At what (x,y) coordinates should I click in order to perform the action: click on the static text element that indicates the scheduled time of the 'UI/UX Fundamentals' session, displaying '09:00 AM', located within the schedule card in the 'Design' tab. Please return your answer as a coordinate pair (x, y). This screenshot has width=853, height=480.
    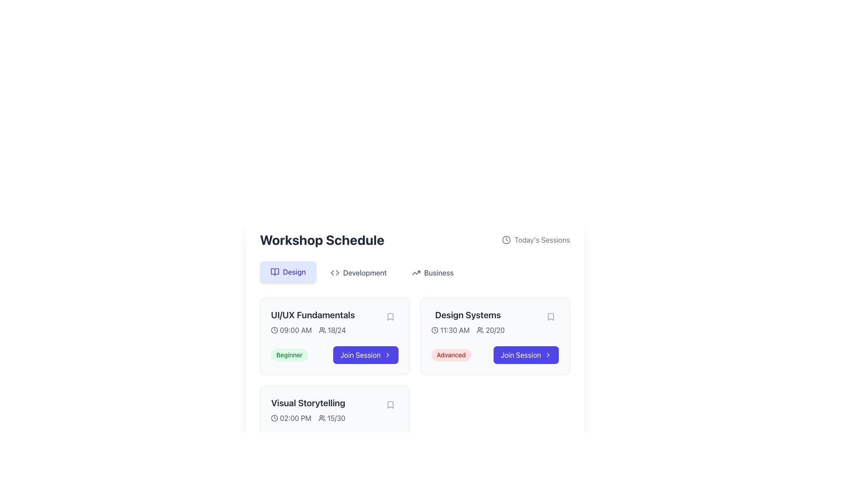
    Looking at the image, I should click on (291, 330).